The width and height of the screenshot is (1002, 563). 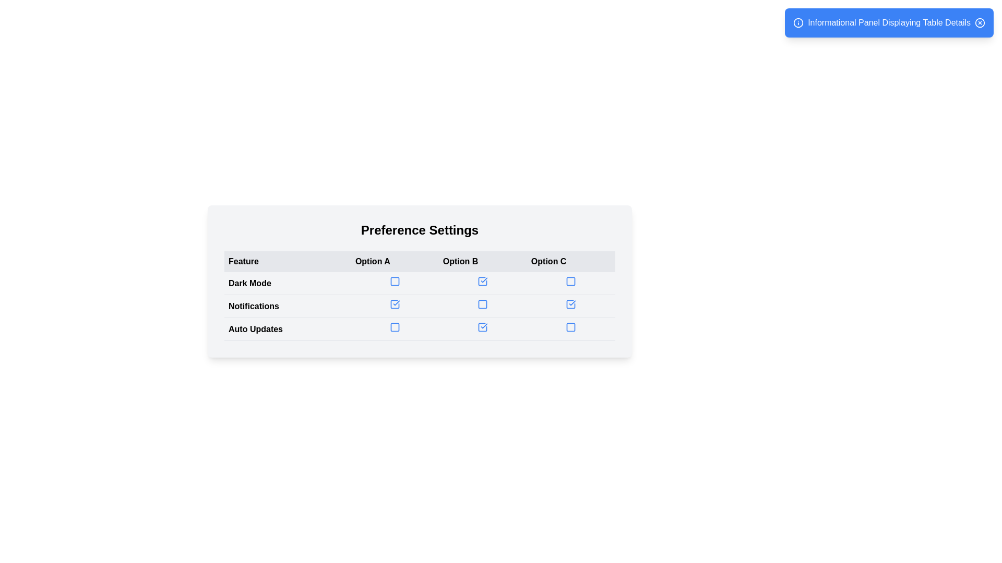 I want to click on the checkbox for 'Option A' under the 'Dark Mode' row in the 'Preference Settings', so click(x=394, y=283).